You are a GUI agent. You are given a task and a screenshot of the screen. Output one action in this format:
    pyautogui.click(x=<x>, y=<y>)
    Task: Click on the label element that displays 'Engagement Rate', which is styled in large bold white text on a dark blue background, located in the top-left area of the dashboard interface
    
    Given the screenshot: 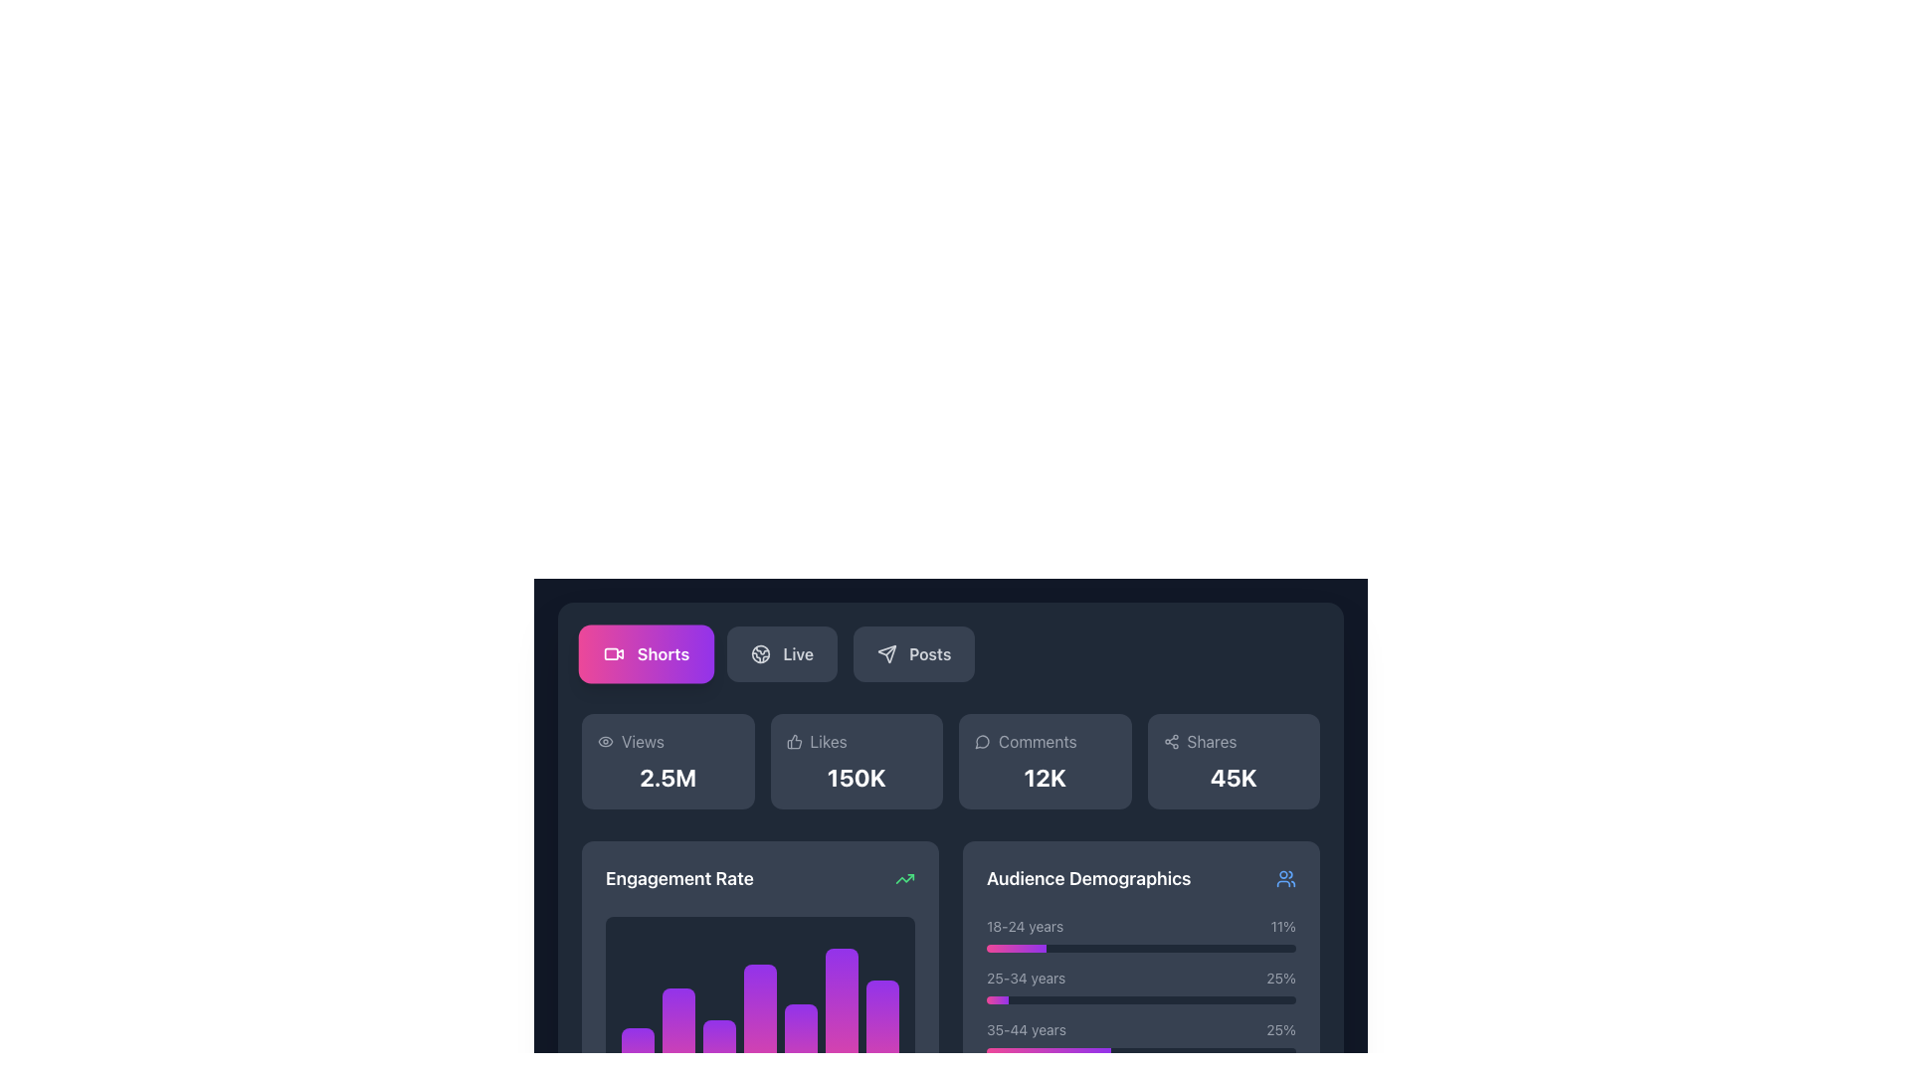 What is the action you would take?
    pyautogui.click(x=679, y=877)
    